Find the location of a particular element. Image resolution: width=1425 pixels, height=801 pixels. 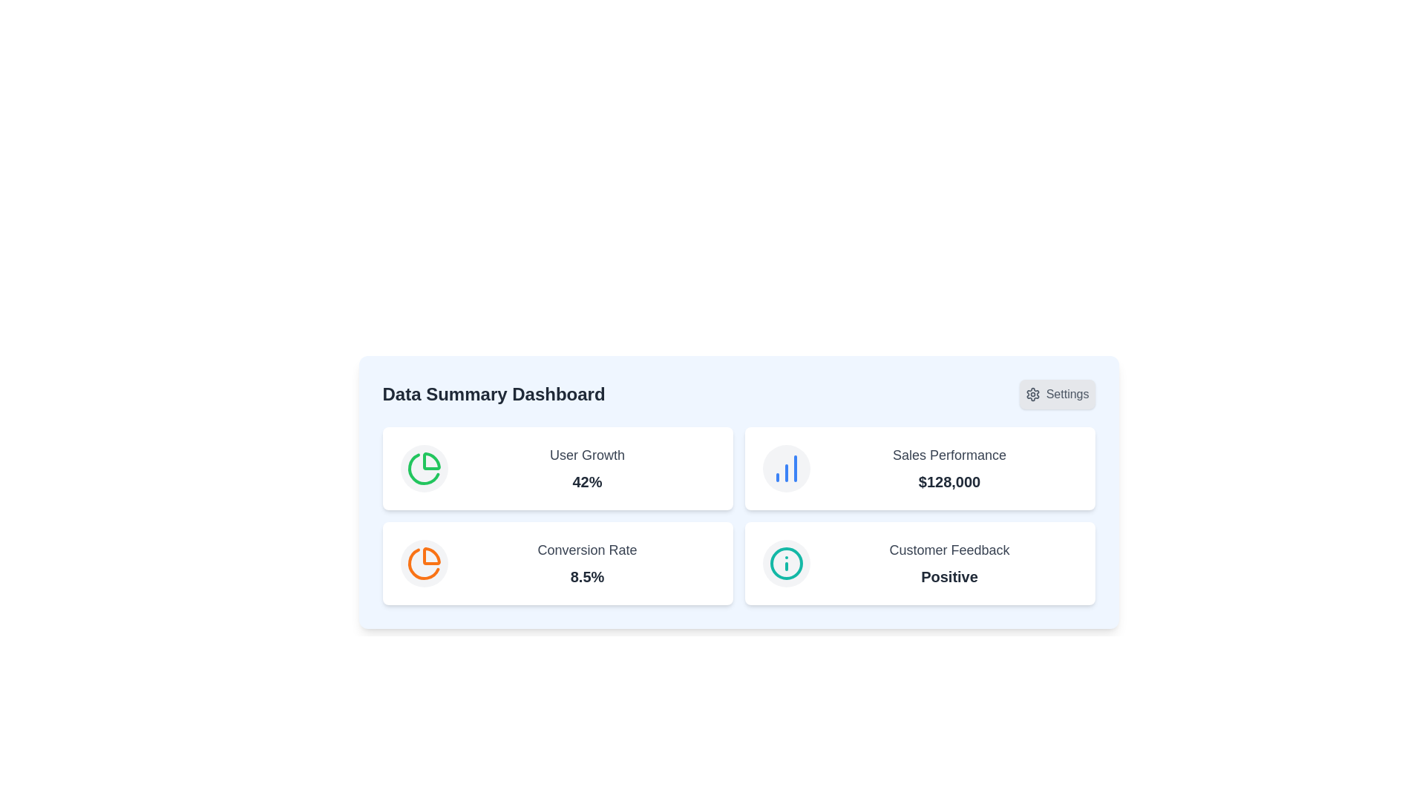

the blue bar chart icon with three vertical bars of varying lengths, located in the top-right cell of the dashboard's second row of indicators, next to the 'Sales Performance: $128,000' label is located at coordinates (785, 469).